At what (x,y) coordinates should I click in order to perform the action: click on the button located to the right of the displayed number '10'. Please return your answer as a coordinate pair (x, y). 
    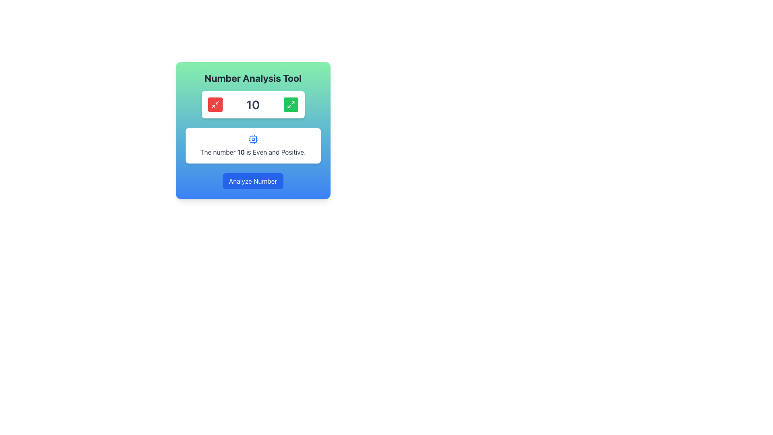
    Looking at the image, I should click on (290, 104).